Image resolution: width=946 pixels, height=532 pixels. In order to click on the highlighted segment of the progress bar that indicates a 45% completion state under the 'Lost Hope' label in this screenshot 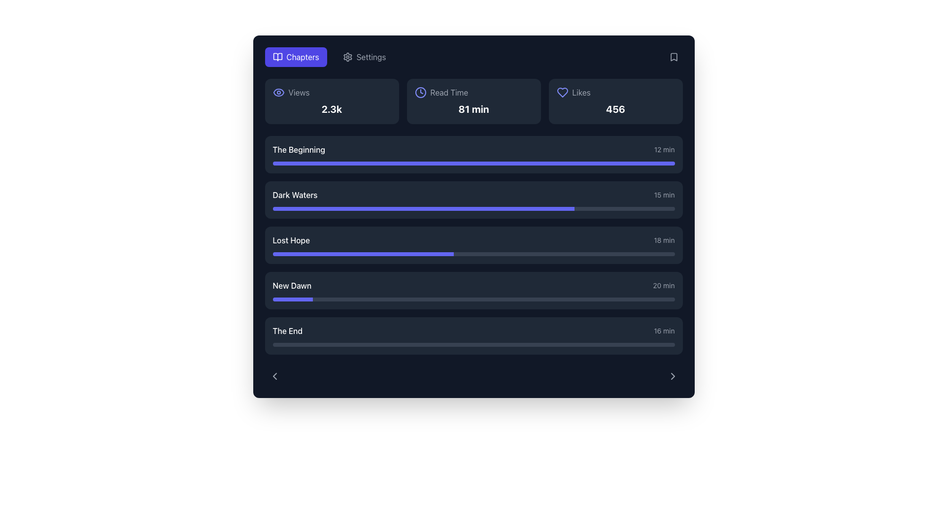, I will do `click(363, 254)`.